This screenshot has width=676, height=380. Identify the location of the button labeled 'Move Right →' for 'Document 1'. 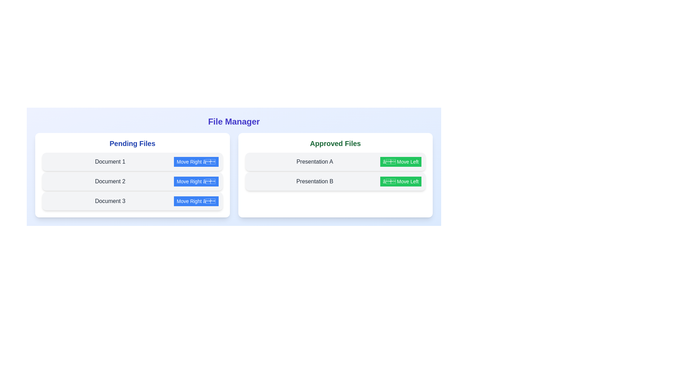
(196, 161).